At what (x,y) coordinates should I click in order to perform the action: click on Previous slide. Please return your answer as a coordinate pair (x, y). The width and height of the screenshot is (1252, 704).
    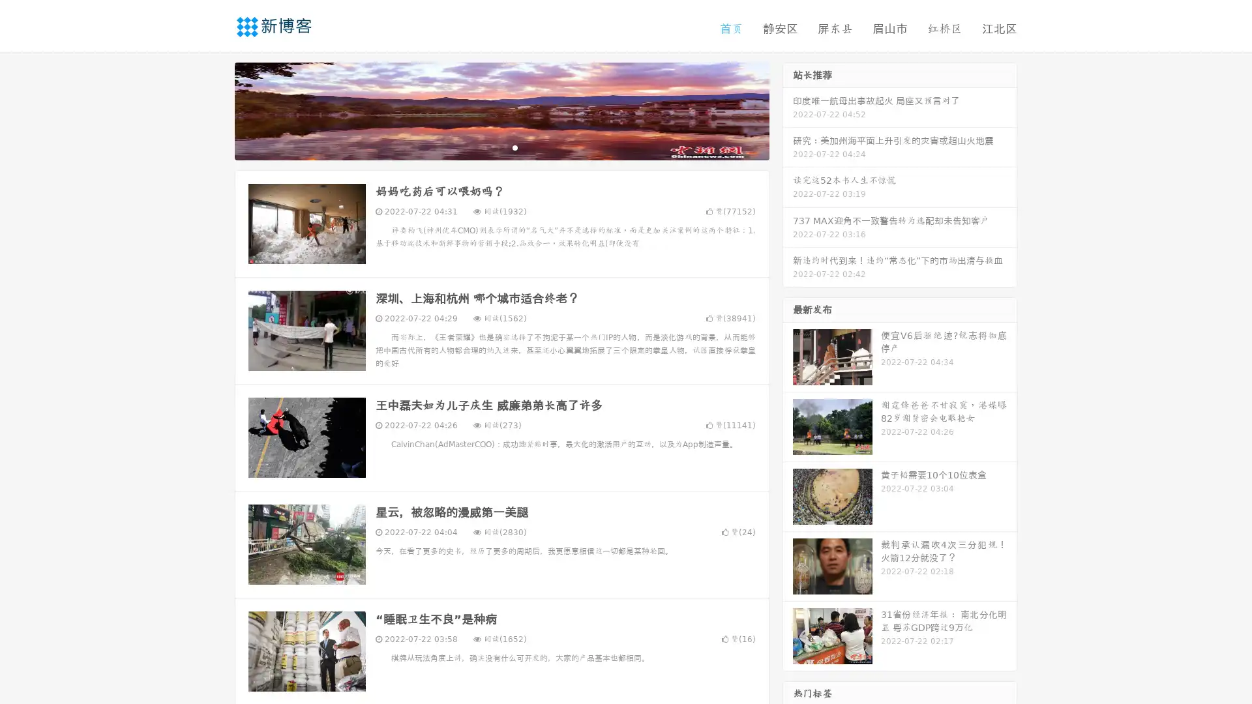
    Looking at the image, I should click on (215, 110).